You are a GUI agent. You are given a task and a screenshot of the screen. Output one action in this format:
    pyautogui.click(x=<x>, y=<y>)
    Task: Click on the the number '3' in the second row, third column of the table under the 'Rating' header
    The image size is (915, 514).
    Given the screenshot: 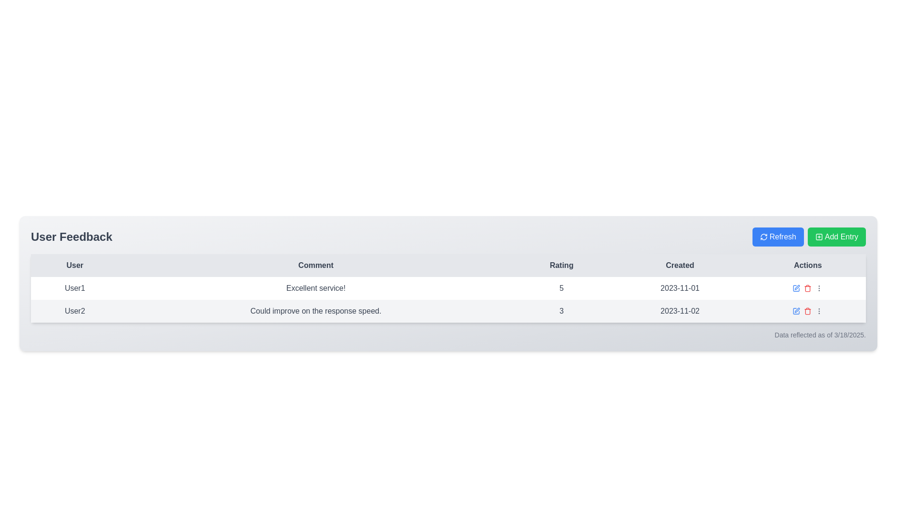 What is the action you would take?
    pyautogui.click(x=561, y=311)
    